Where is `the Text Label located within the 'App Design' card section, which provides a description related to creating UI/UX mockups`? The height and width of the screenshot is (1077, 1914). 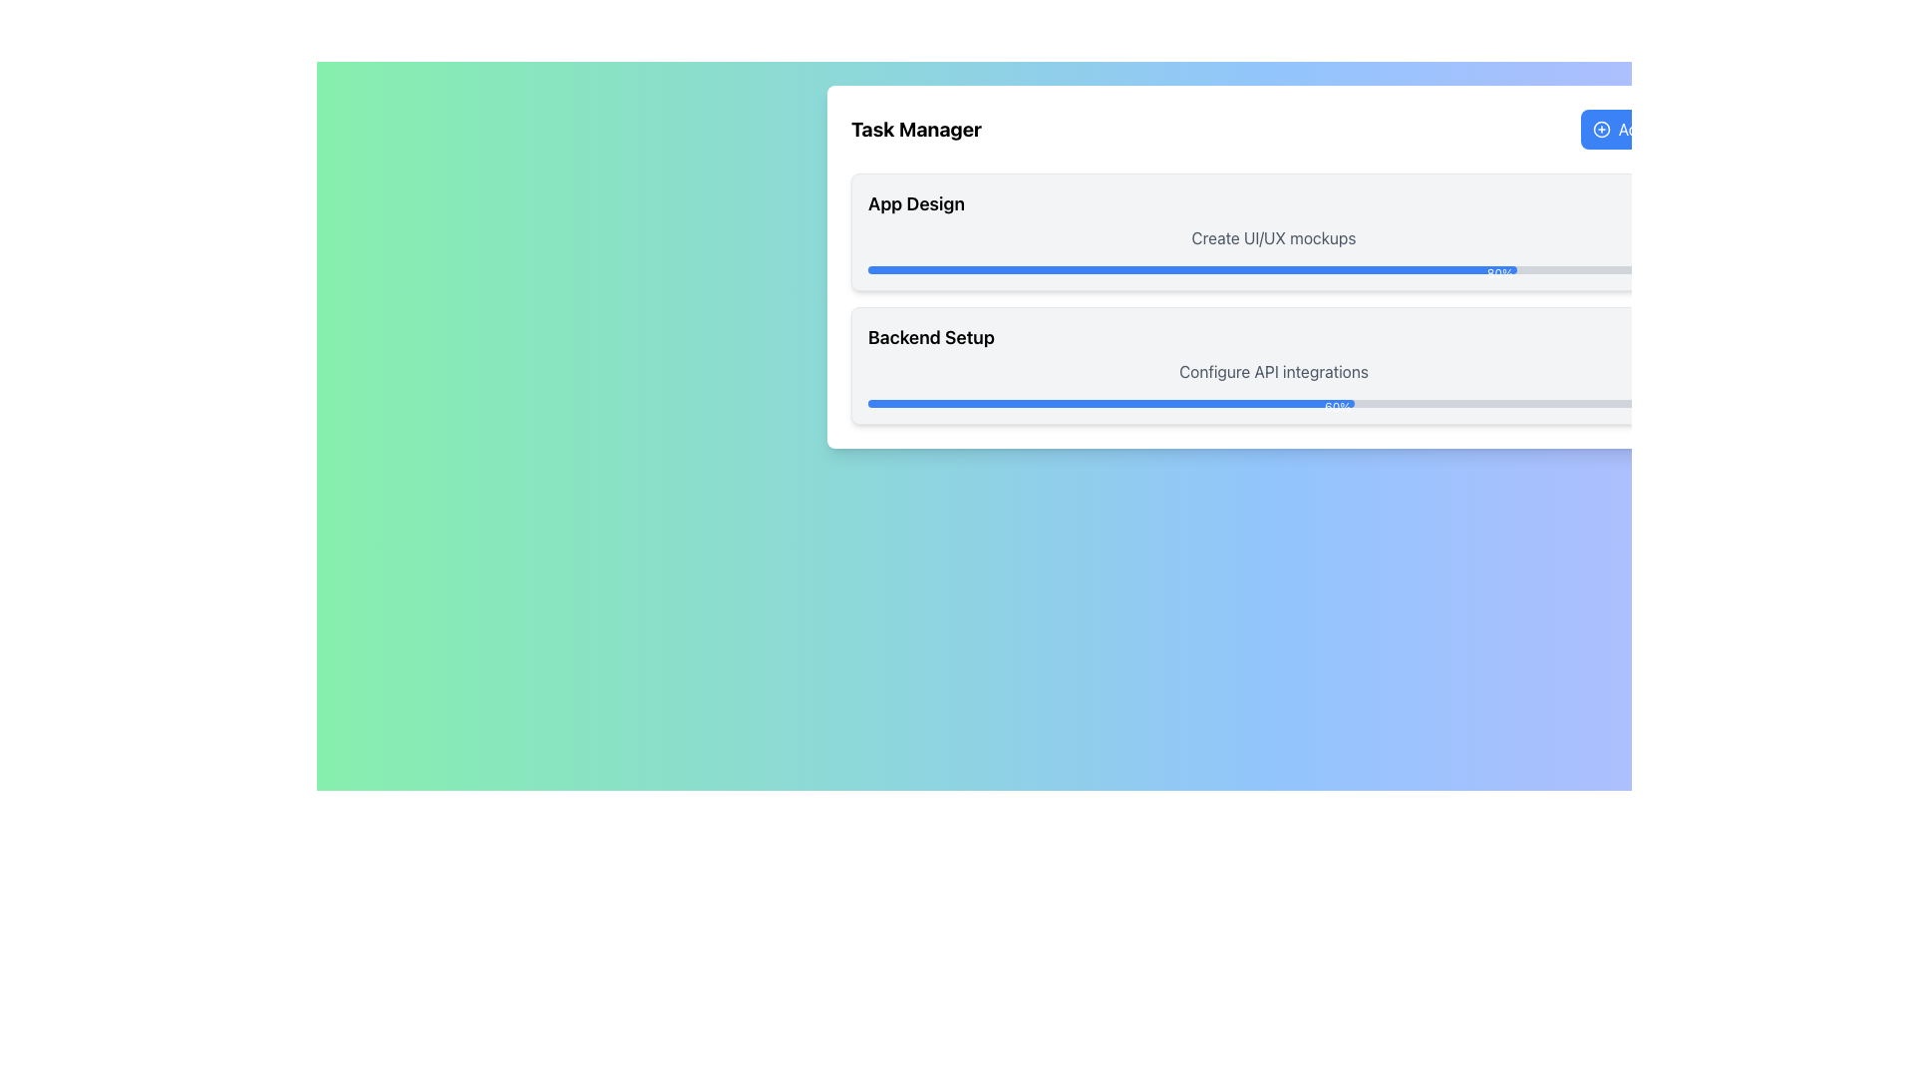 the Text Label located within the 'App Design' card section, which provides a description related to creating UI/UX mockups is located at coordinates (1272, 237).